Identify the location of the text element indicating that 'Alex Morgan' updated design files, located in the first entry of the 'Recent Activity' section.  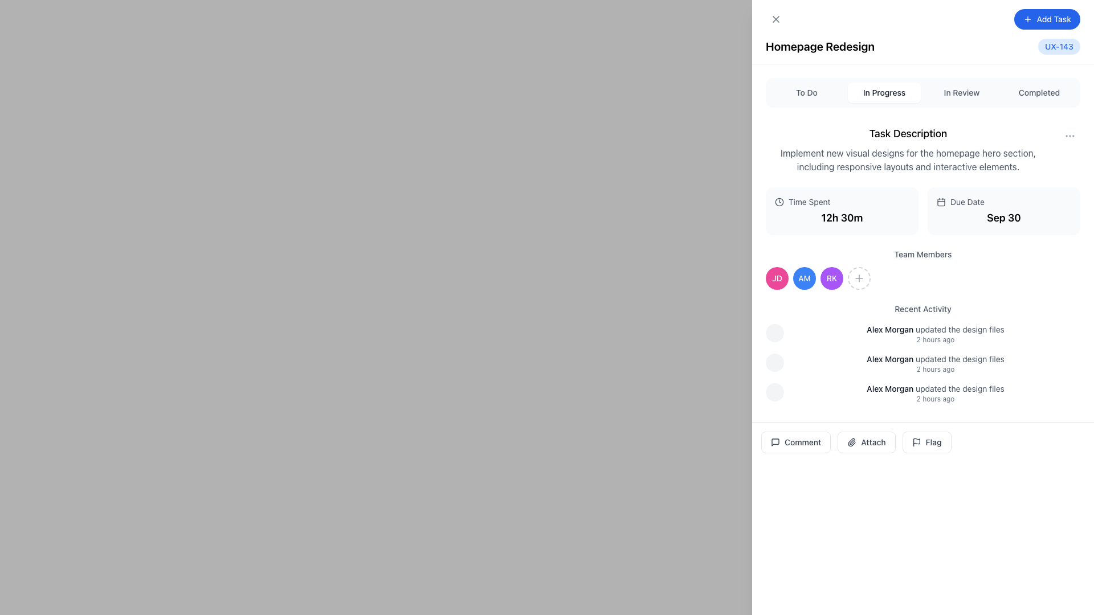
(935, 329).